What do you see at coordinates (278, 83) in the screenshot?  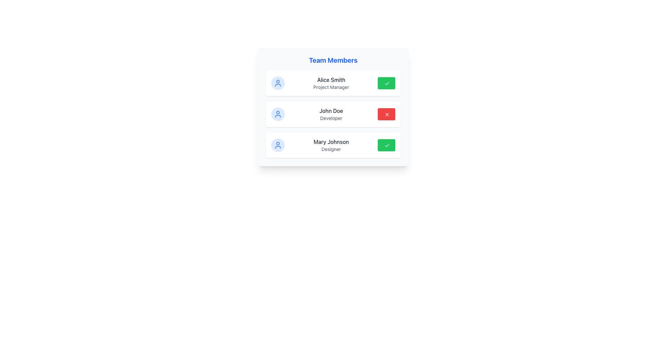 I see `the user icon representing a user, styled with a blue stroke on a transparent background, located in a light blue circular background, positioned above 'Alice Smith, Project Manager'` at bounding box center [278, 83].